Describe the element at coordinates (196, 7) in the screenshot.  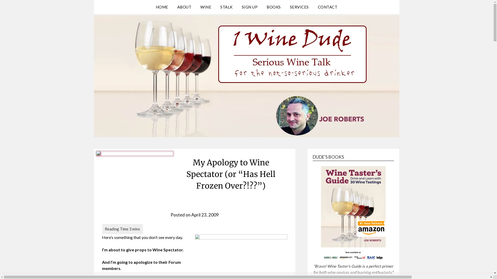
I see `'WINE'` at that location.